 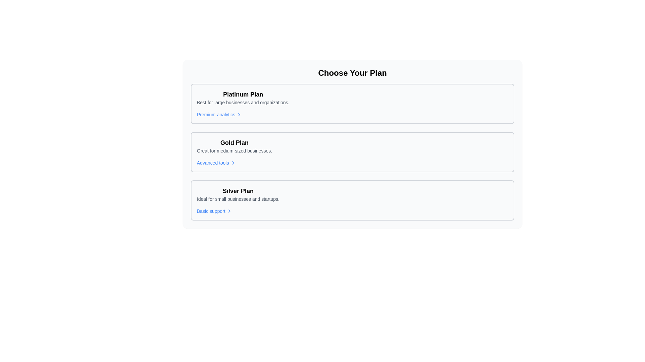 I want to click on the 'Gold Plan' text label, which is styled with bold and large font weight and is prominently positioned in the second plan section of subscription plans, so click(x=234, y=142).